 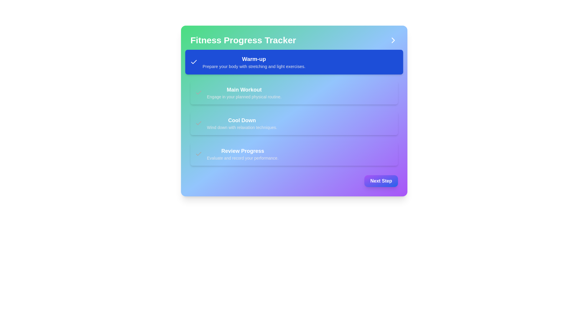 I want to click on the informational card that describes the progress tracking feature, positioned as the fourth item in a vertical list below the 'Cool Down' section, so click(x=294, y=154).